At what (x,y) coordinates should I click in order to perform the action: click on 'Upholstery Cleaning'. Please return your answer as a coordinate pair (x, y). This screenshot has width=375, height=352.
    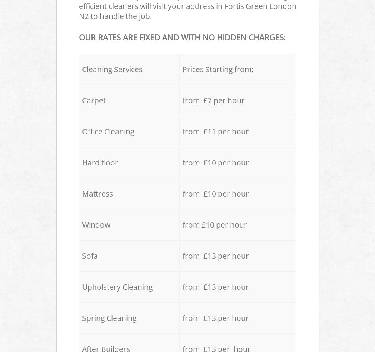
    Looking at the image, I should click on (117, 286).